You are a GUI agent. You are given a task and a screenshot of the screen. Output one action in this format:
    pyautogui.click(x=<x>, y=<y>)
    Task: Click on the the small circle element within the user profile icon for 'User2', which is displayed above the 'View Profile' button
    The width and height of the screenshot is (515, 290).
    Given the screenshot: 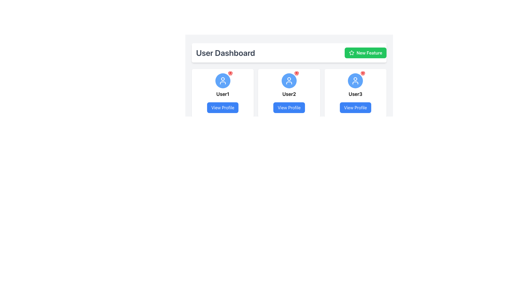 What is the action you would take?
    pyautogui.click(x=355, y=79)
    